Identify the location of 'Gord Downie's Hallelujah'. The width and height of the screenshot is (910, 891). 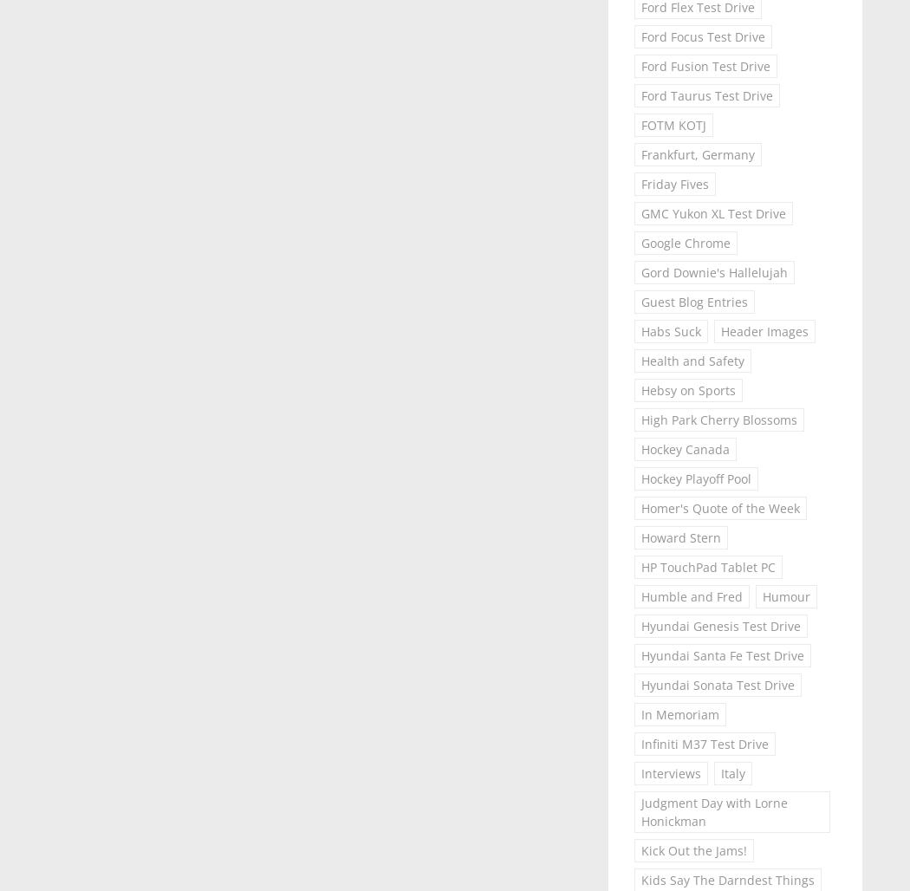
(712, 272).